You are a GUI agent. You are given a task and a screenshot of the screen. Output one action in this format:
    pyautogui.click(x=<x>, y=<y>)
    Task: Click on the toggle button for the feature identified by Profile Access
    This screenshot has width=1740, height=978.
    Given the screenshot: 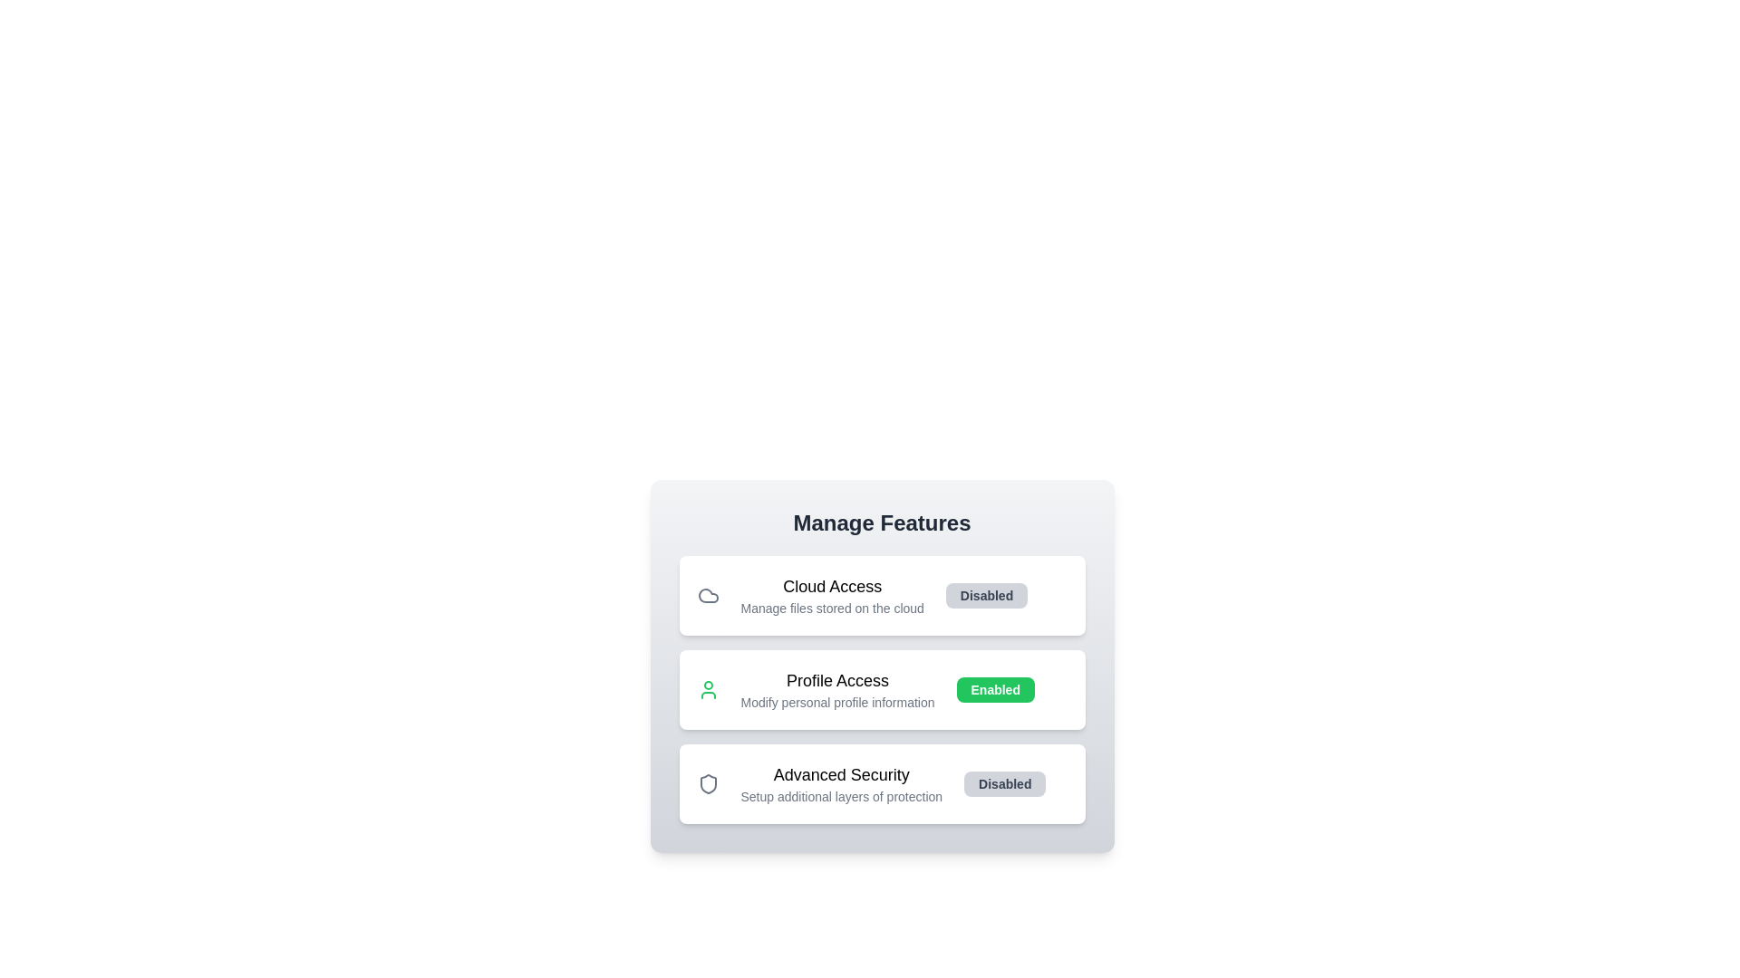 What is the action you would take?
    pyautogui.click(x=994, y=690)
    